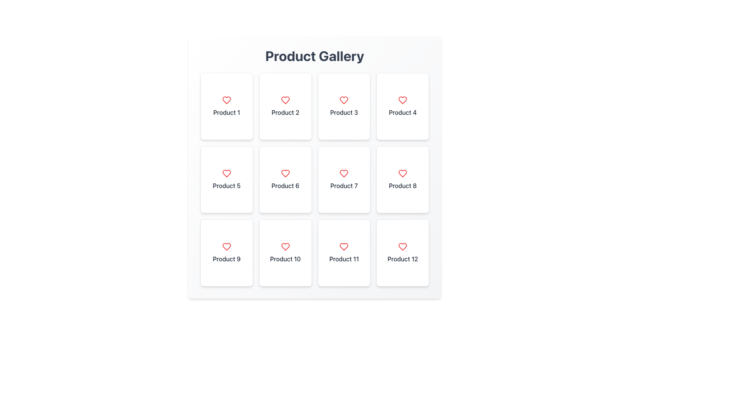  Describe the element at coordinates (285, 247) in the screenshot. I see `the heart icon used to mark 'Product 10' as liked or added to favorites` at that location.